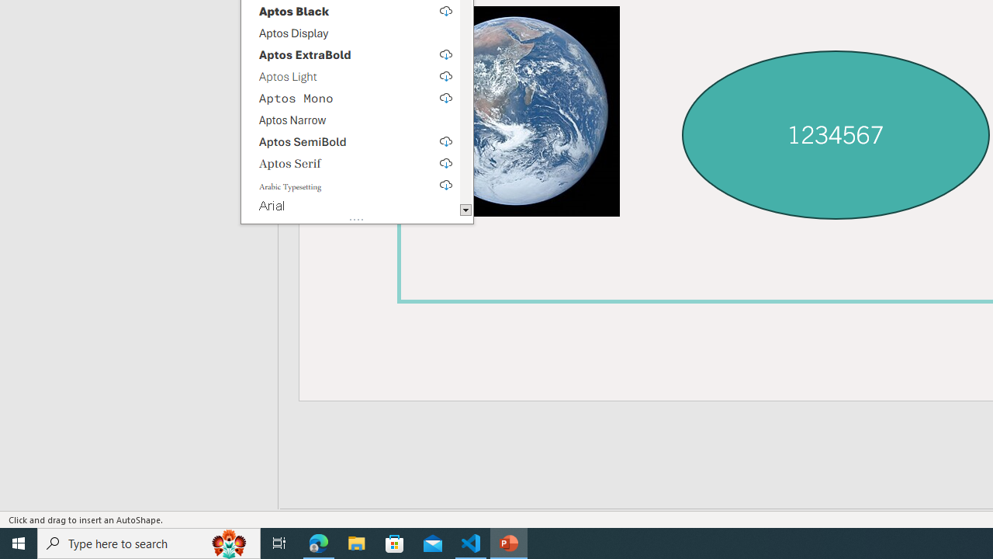 The height and width of the screenshot is (559, 993). Describe the element at coordinates (349, 162) in the screenshot. I see `'Aptos Serif, select to download'` at that location.